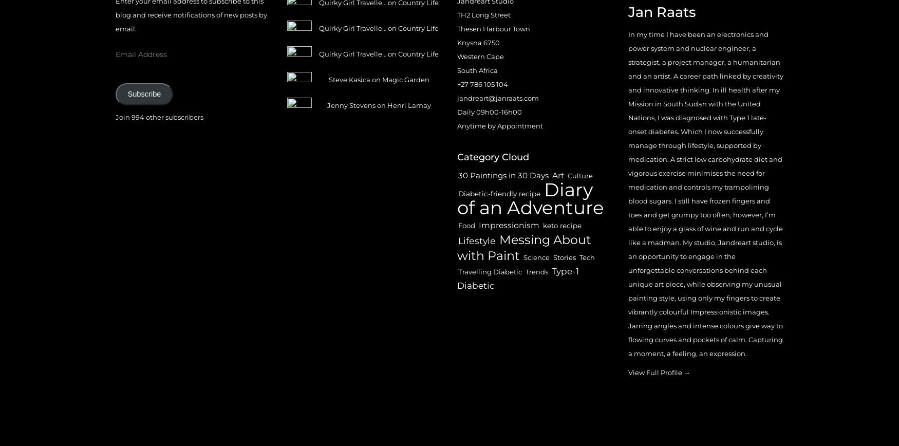 The image size is (899, 446). Describe the element at coordinates (586, 257) in the screenshot. I see `'Tech'` at that location.